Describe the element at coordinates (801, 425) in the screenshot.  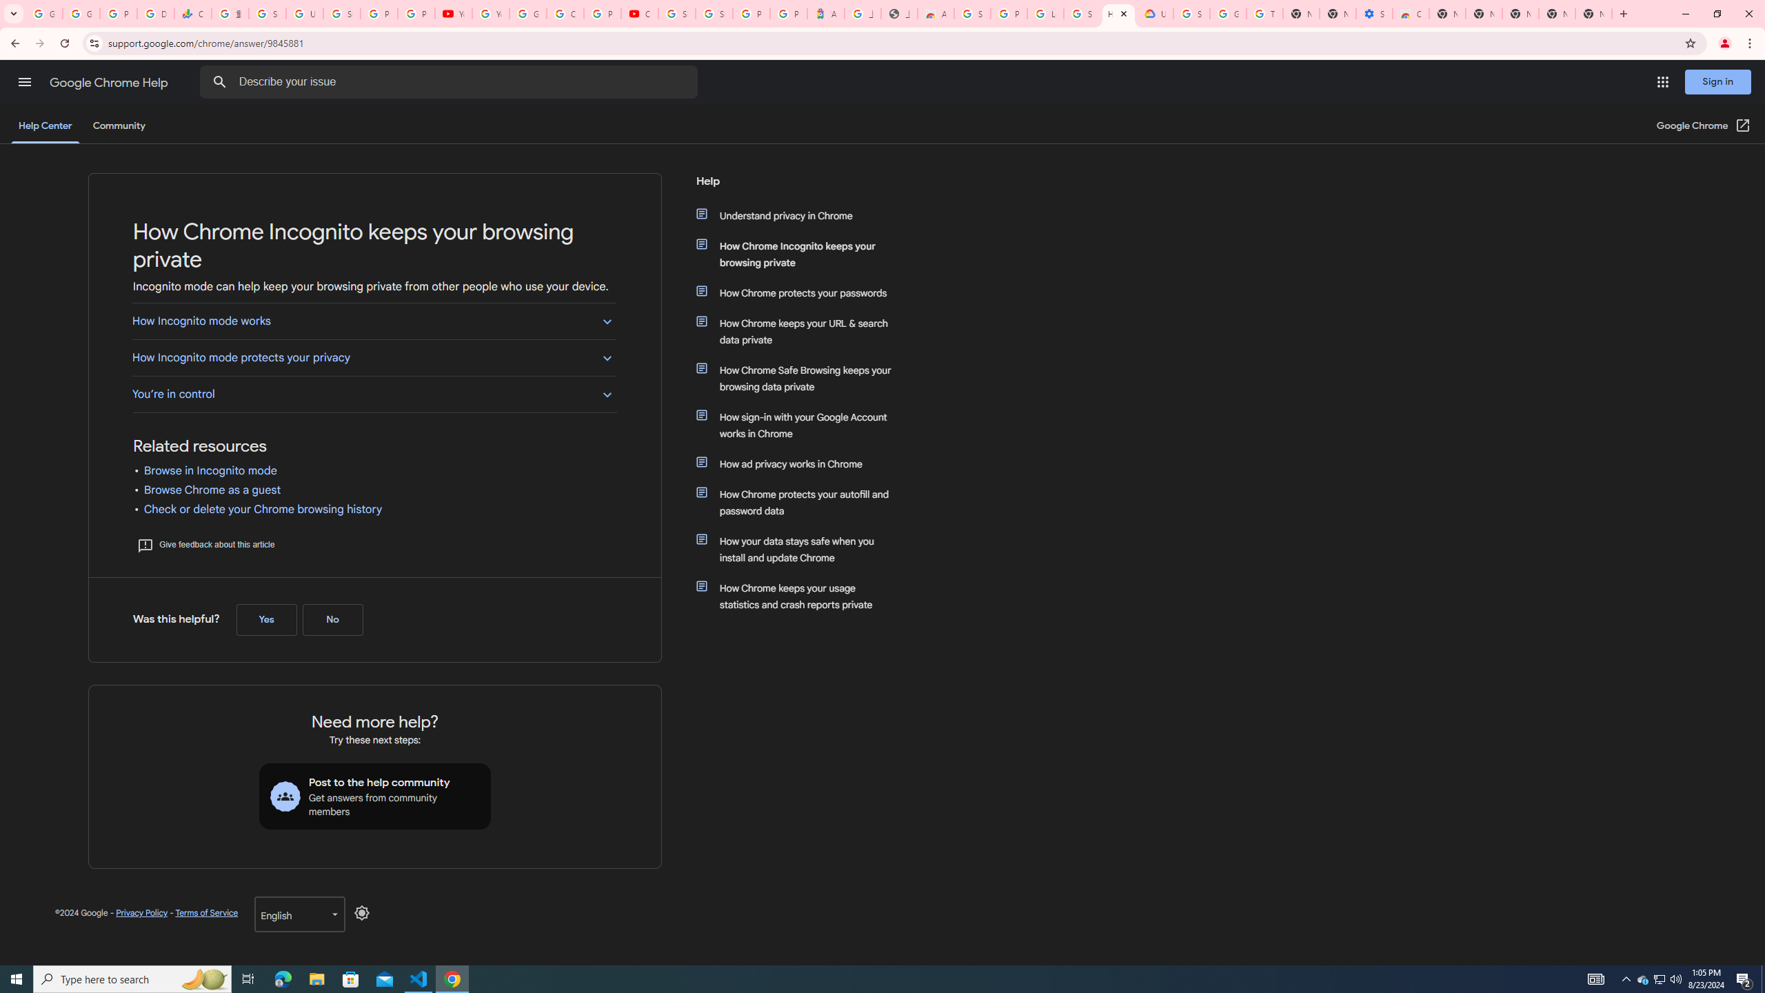
I see `'How sign-in with your Google Account works in Chrome'` at that location.